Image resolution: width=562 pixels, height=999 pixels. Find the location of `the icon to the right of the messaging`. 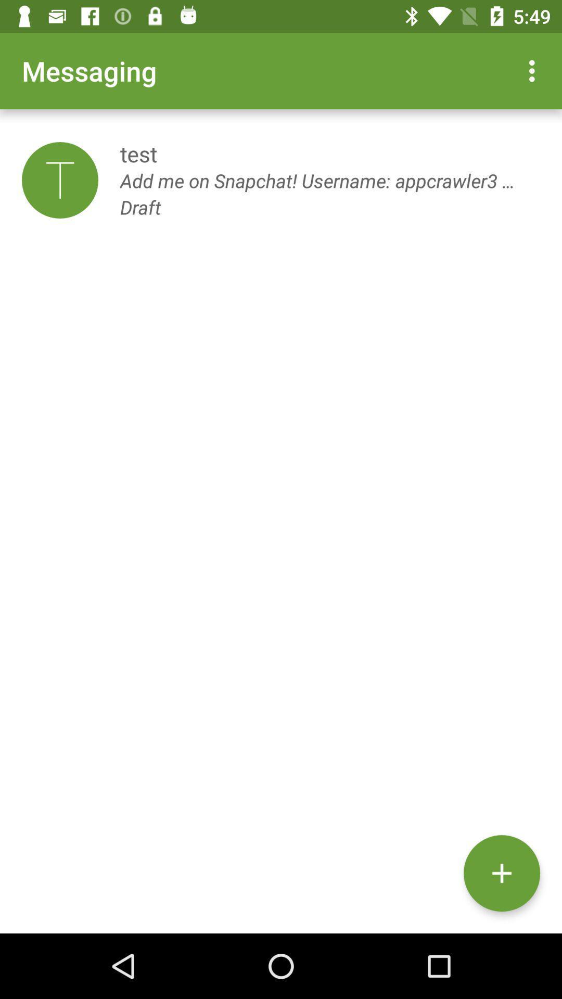

the icon to the right of the messaging is located at coordinates (534, 70).